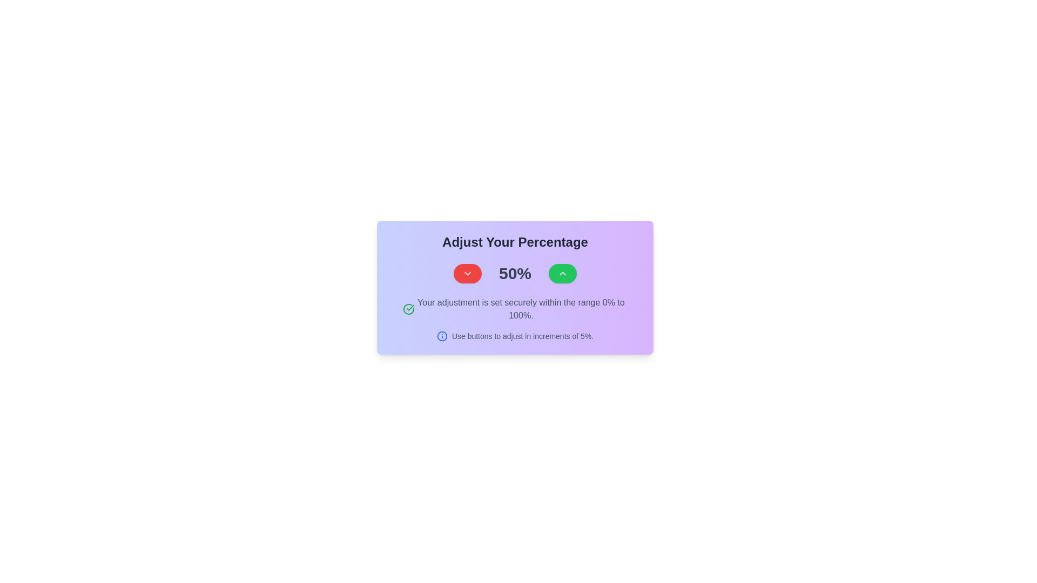  I want to click on the circular graphical element with a blue border, part of the information icon in the bottom-left section of the card widget, so click(442, 336).